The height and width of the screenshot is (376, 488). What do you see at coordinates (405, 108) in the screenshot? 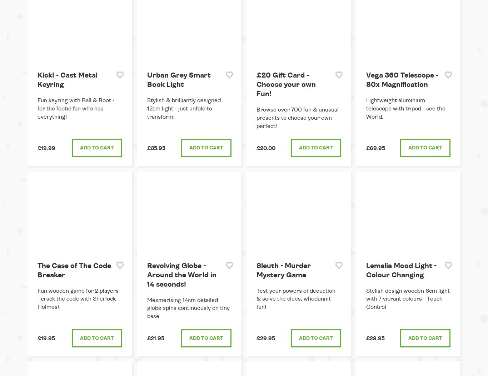
I see `'Lightweight aluminium telescope with tripod - see the World.'` at bounding box center [405, 108].